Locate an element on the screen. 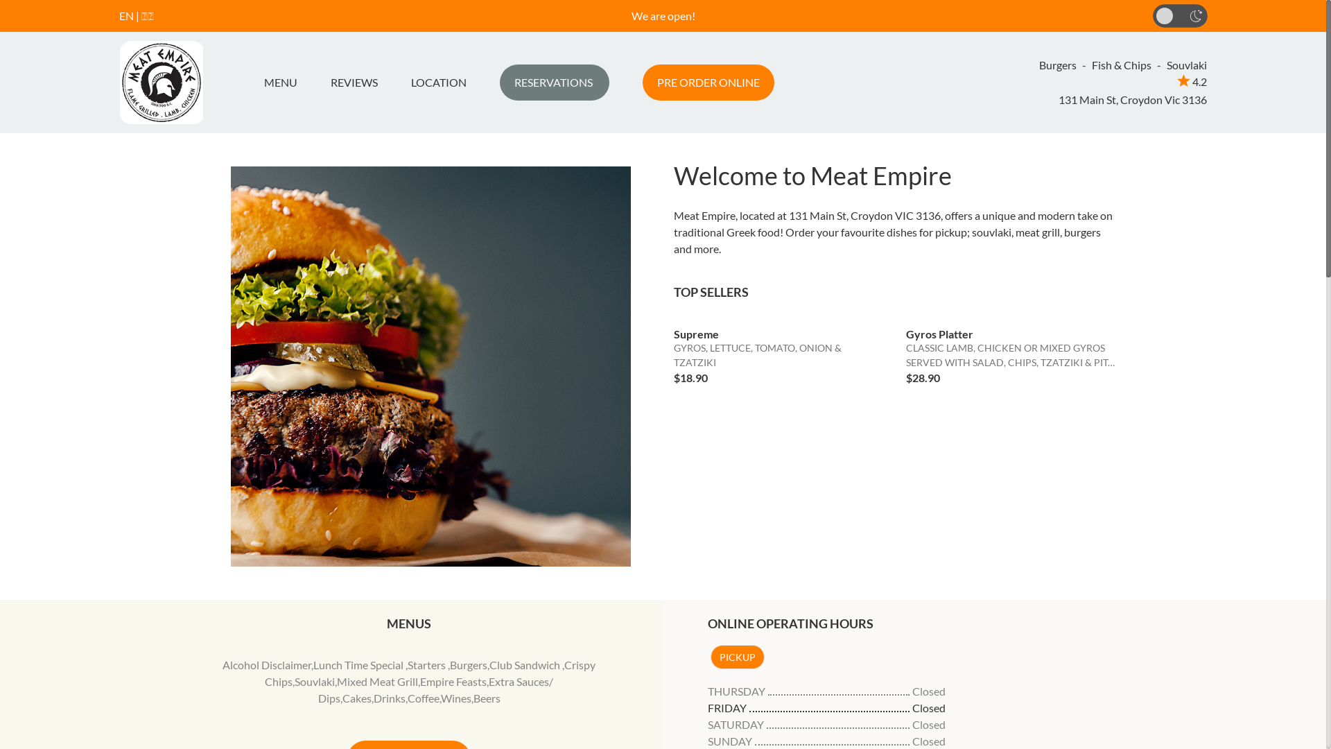 Image resolution: width=1331 pixels, height=749 pixels. 'Crispy Chips' is located at coordinates (429, 672).